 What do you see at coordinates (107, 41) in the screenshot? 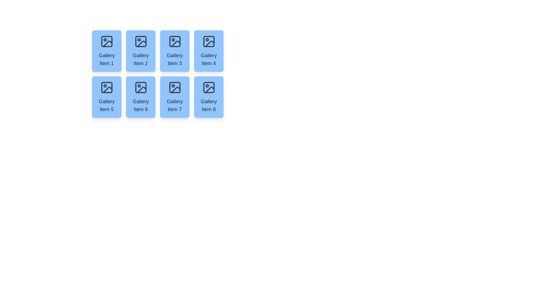
I see `the icon resembling an image placeholder with a mountain and a sun, located at the upper-center of the button labeled 'Gallery Item 1'` at bounding box center [107, 41].